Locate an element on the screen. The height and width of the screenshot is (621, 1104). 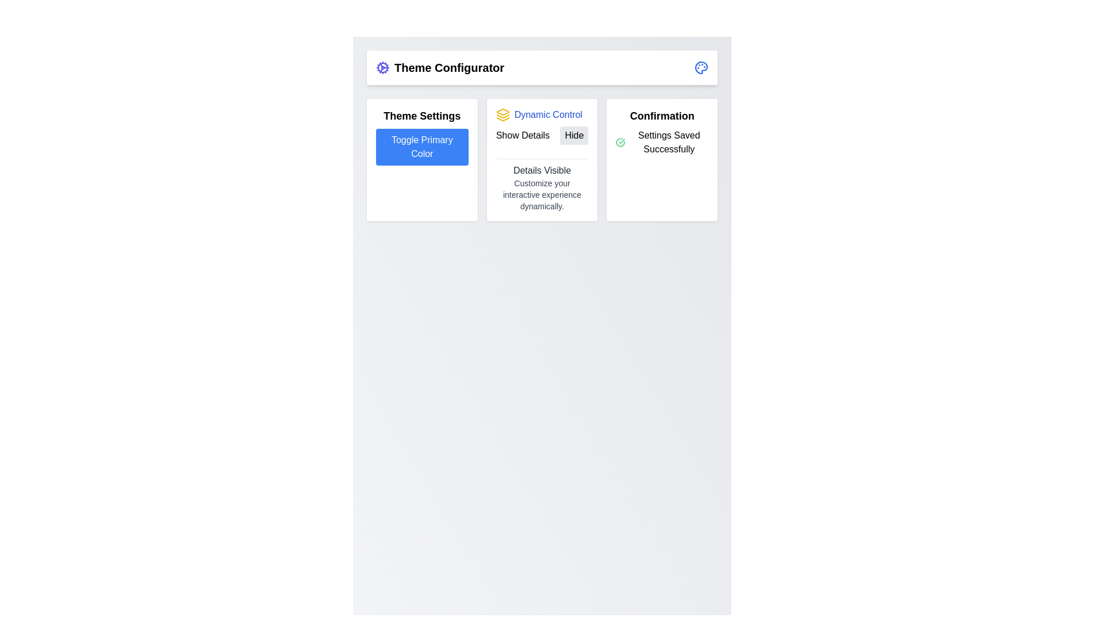
the button to hide additional details in the 'Dynamic Control' section, located to the right of the 'Show Details' text is located at coordinates (574, 135).